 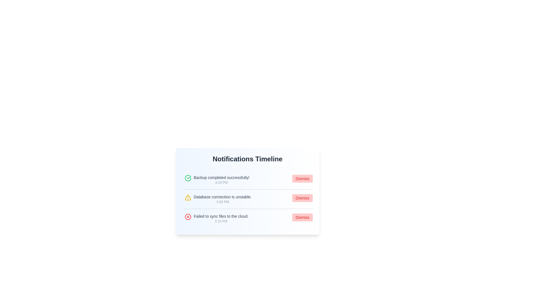 What do you see at coordinates (247, 180) in the screenshot?
I see `the notification card that informs the user about a successful backup operation, located at the top of the 'Notifications Timeline' section` at bounding box center [247, 180].